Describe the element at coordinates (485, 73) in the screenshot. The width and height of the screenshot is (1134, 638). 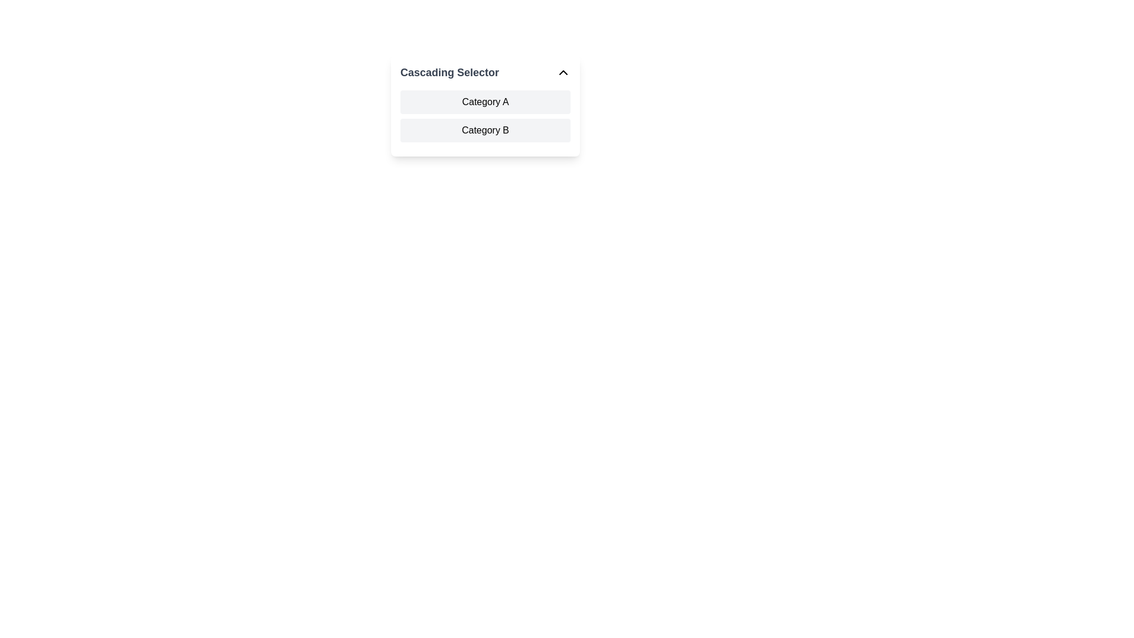
I see `the 'Cascading Selector' Dropdown Toggle Header` at that location.